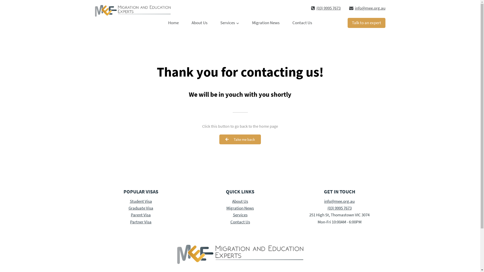 The image size is (484, 272). I want to click on 'info@mee.org.au', so click(367, 8).